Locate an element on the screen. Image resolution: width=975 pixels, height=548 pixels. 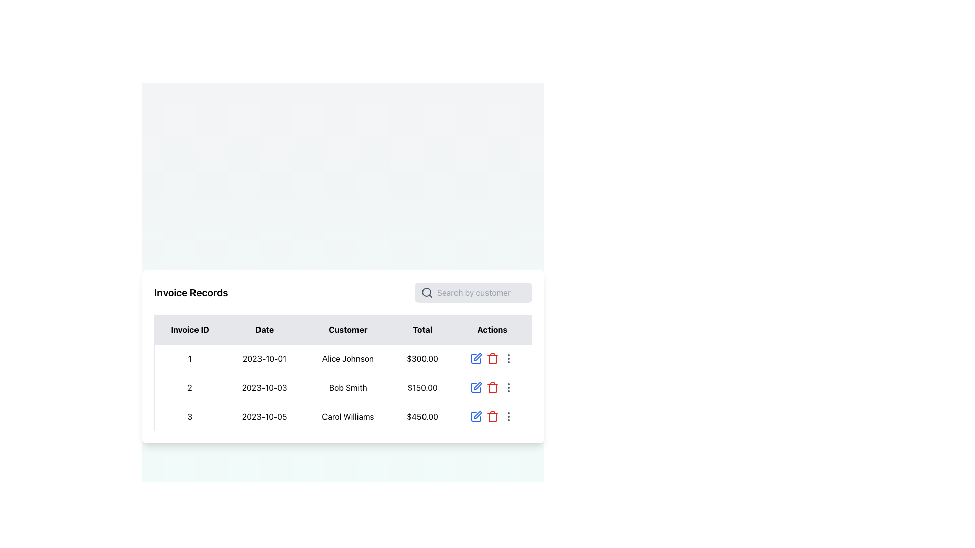
column labels of the Table Header Row in the 'Invoice Records' table, which spans horizontally at the top of the table is located at coordinates (343, 329).